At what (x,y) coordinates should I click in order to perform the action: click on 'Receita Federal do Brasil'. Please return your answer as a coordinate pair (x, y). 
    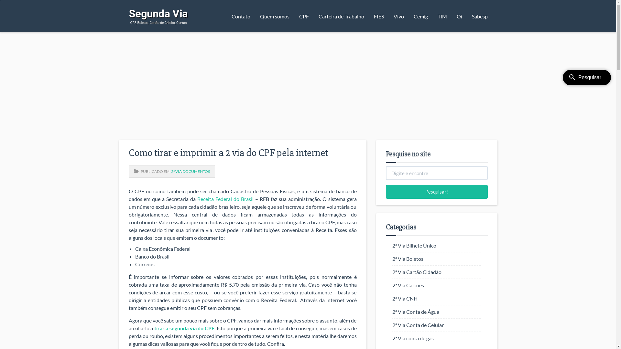
    Looking at the image, I should click on (225, 198).